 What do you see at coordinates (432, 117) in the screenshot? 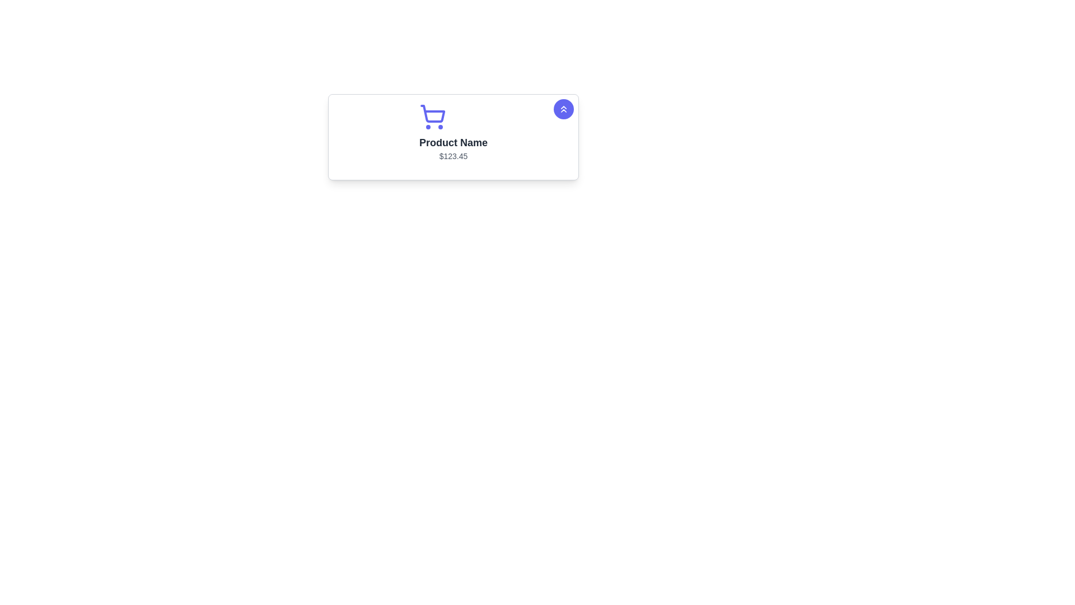
I see `the purple shopping cart icon, which is positioned at the top center of the product card, directly above the product name and price` at bounding box center [432, 117].